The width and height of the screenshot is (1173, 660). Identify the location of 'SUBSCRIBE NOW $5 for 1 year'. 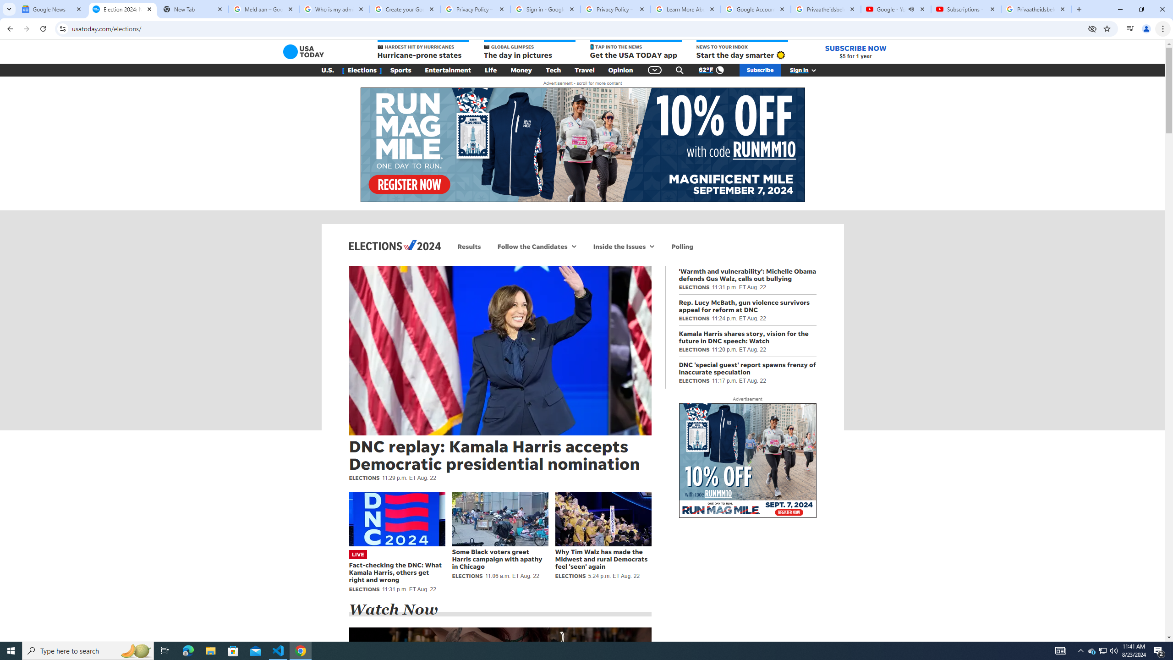
(855, 51).